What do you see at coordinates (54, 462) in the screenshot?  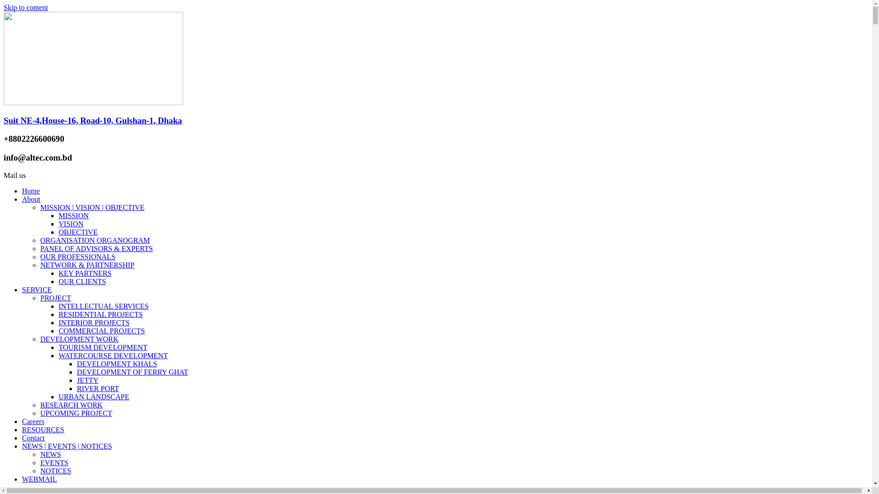 I see `'EVENTS'` at bounding box center [54, 462].